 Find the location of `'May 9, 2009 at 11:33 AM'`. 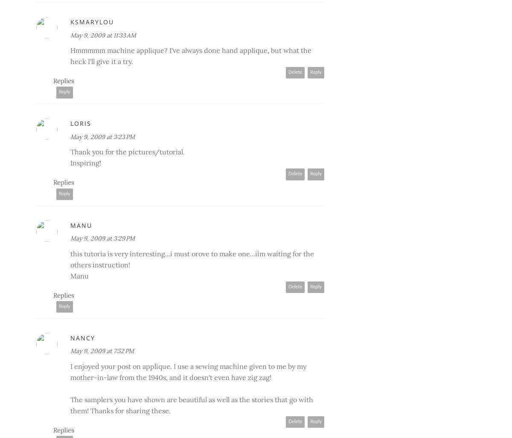

'May 9, 2009 at 11:33 AM' is located at coordinates (70, 34).